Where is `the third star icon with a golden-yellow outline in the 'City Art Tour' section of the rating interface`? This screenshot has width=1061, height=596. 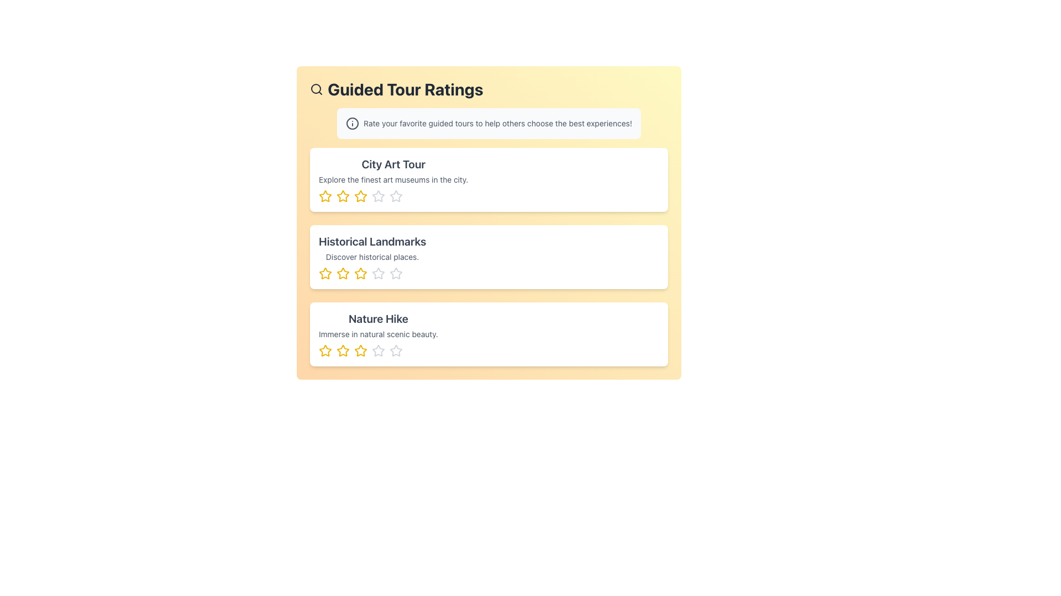 the third star icon with a golden-yellow outline in the 'City Art Tour' section of the rating interface is located at coordinates (360, 195).